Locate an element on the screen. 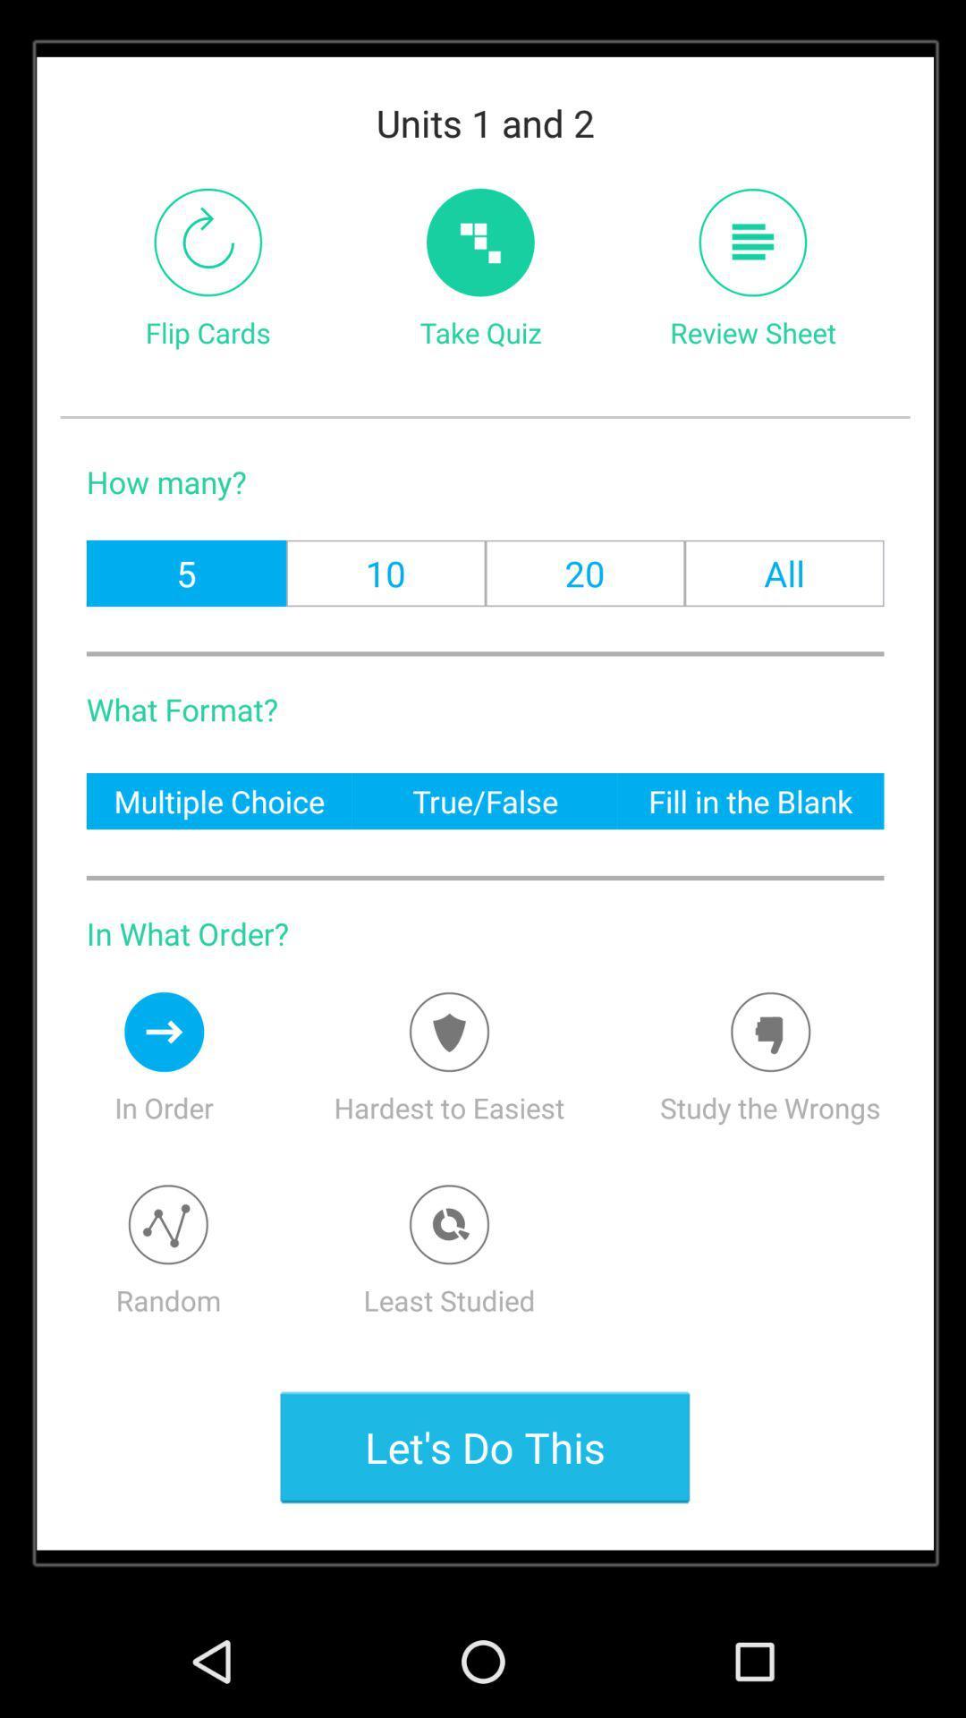 This screenshot has height=1718, width=966. jack the paper is located at coordinates (752, 242).